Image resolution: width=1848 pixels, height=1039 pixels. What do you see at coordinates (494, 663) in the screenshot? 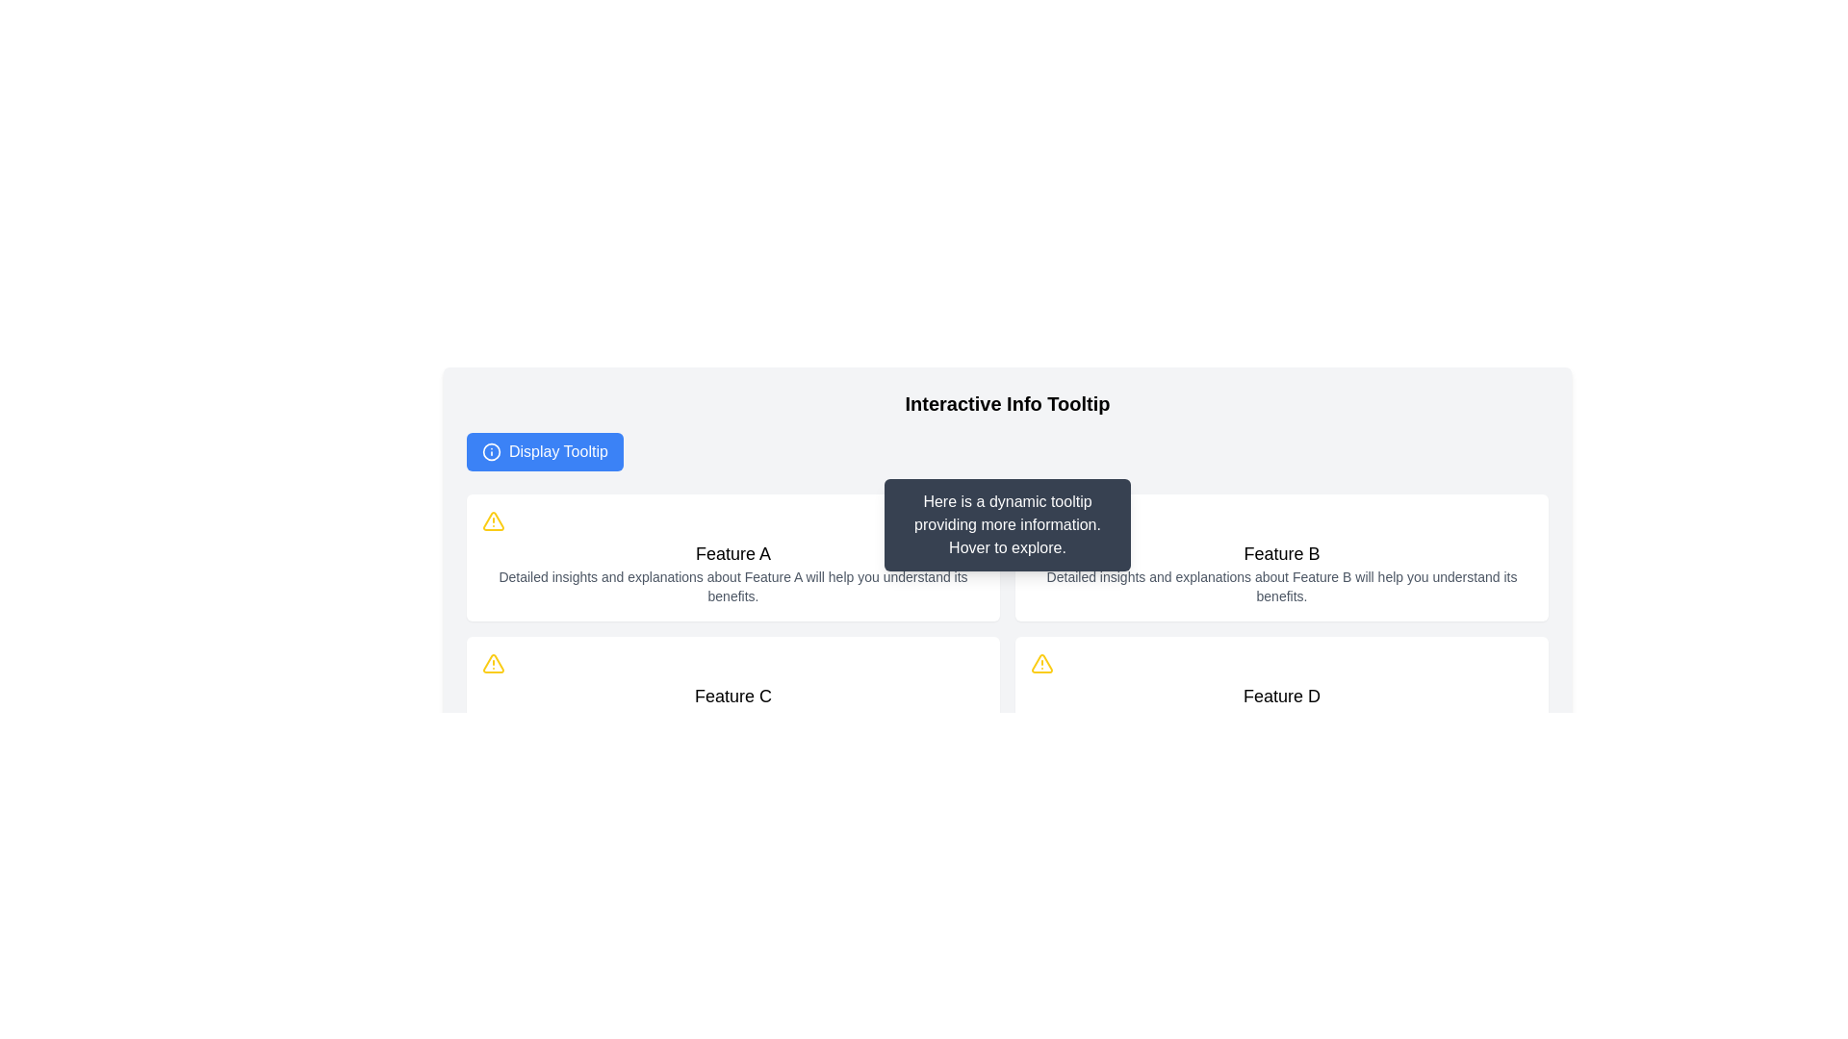
I see `the triangular alert icon with a yellow outline located at the top left corner of the box under the 'Feature C' text` at bounding box center [494, 663].